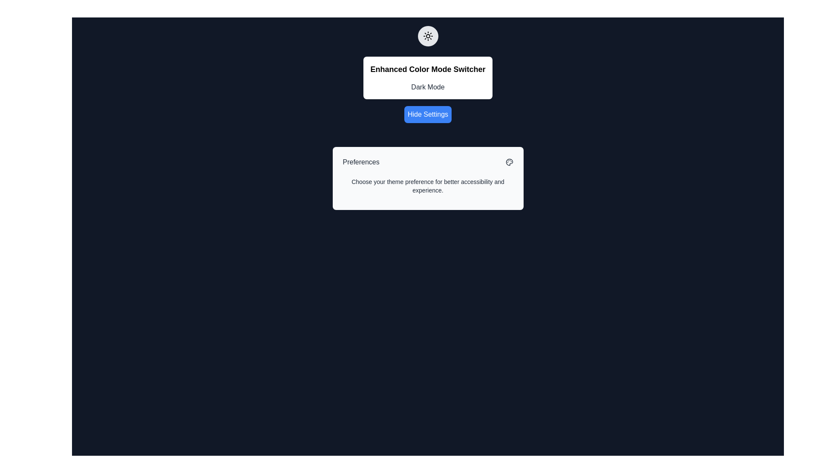 This screenshot has height=460, width=818. Describe the element at coordinates (428, 114) in the screenshot. I see `the 'Hide Settings' button, which is styled with white text on a blue background and is positioned below the 'Enhanced Color Mode Switcher' section` at that location.